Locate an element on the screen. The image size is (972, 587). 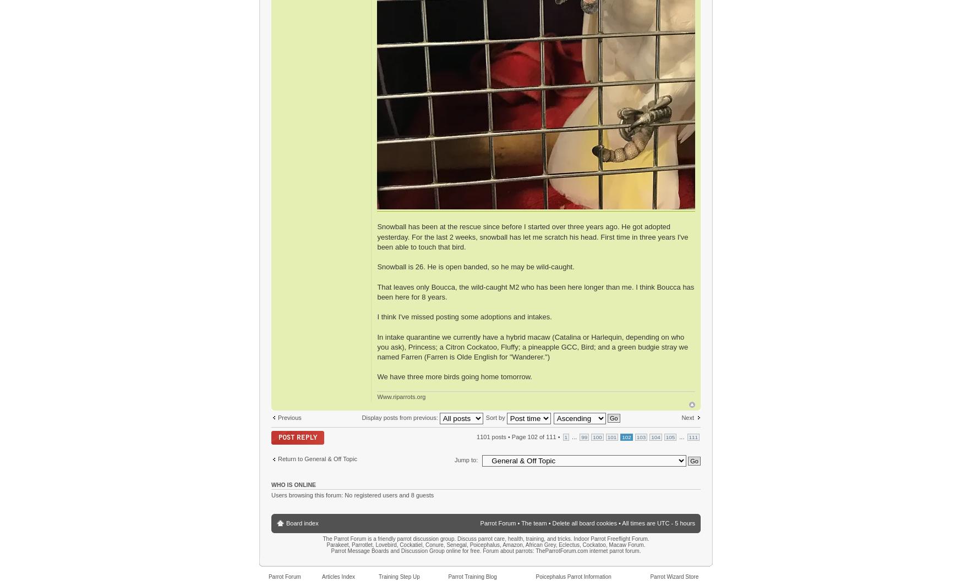
'Snowball is 26. He is open banded, so he may be wild-caught.' is located at coordinates (475, 267).